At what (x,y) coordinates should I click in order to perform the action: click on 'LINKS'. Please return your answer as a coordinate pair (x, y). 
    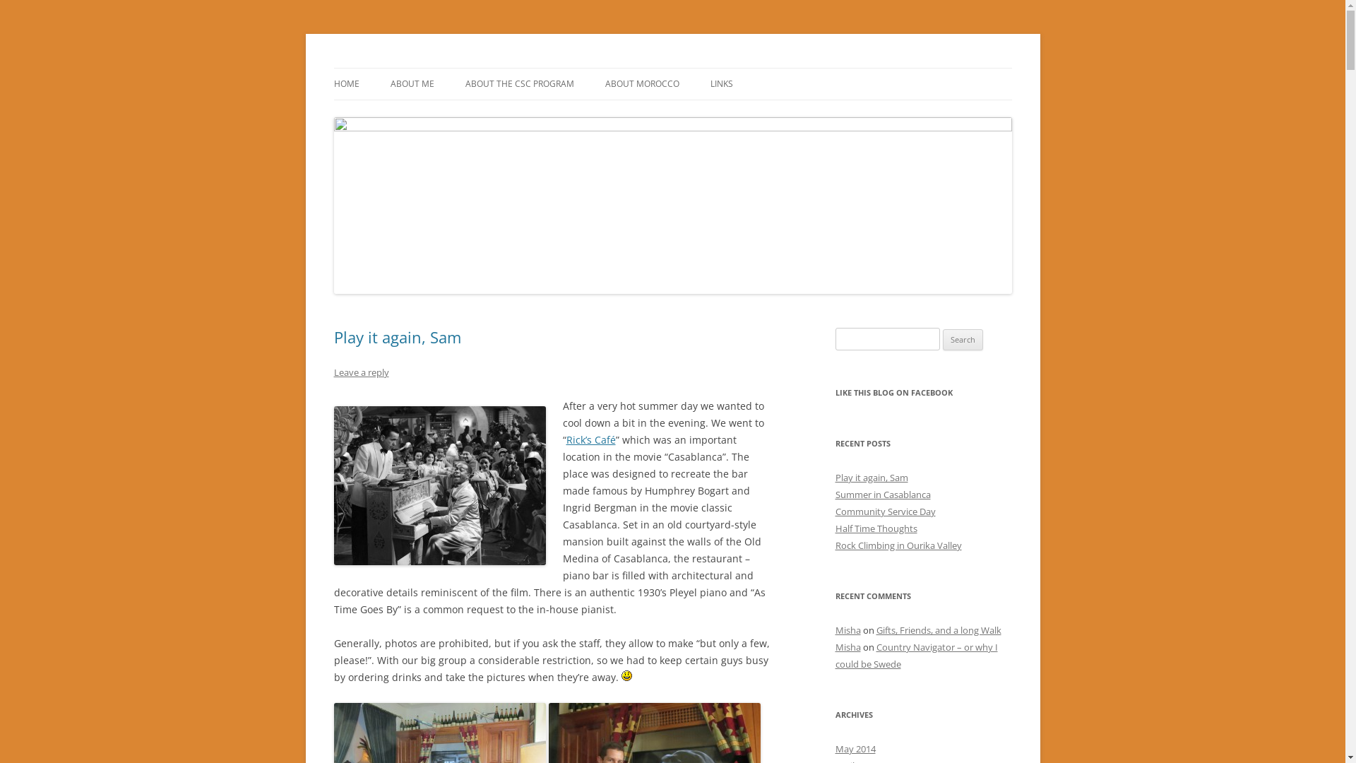
    Looking at the image, I should click on (722, 84).